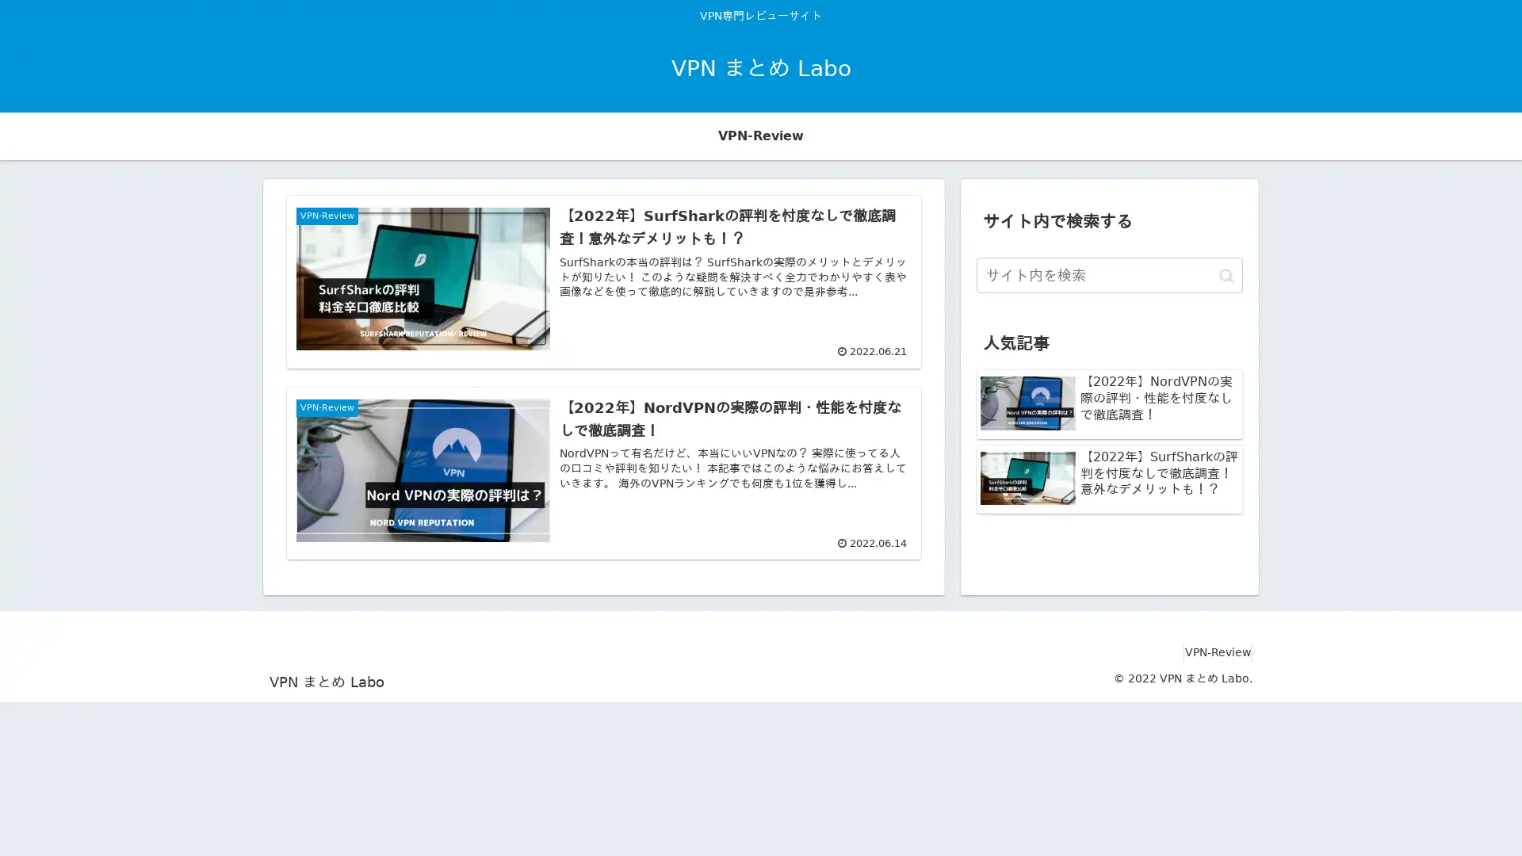 The height and width of the screenshot is (856, 1522). What do you see at coordinates (1226, 274) in the screenshot?
I see `button` at bounding box center [1226, 274].